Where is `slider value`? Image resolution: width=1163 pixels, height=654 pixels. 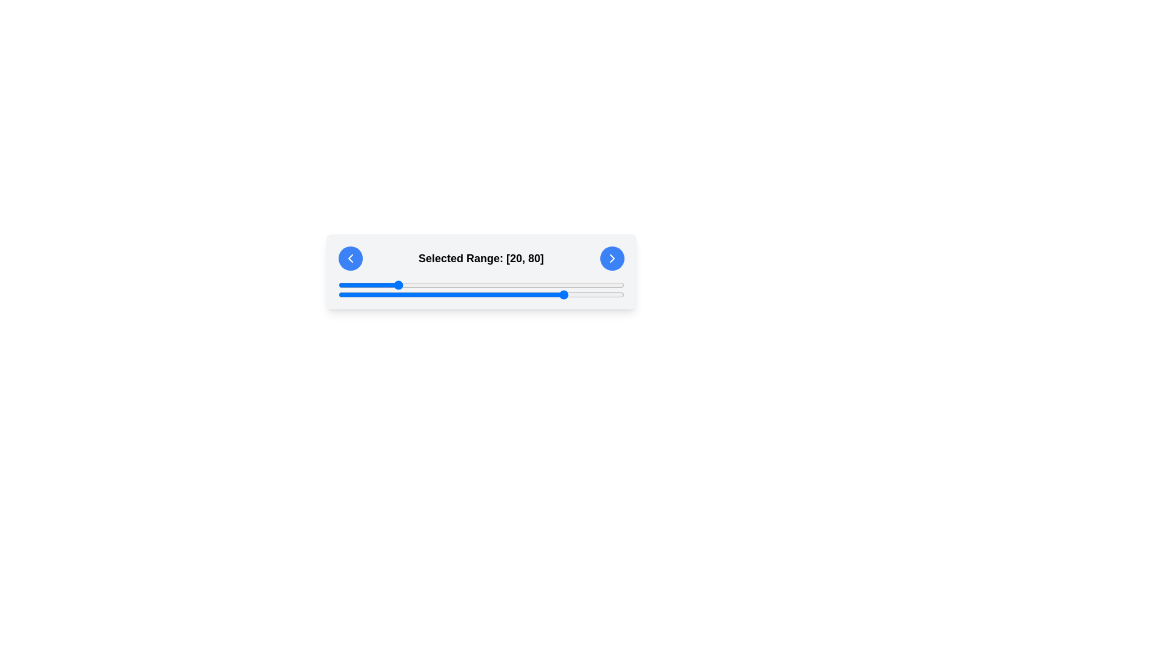 slider value is located at coordinates (374, 285).